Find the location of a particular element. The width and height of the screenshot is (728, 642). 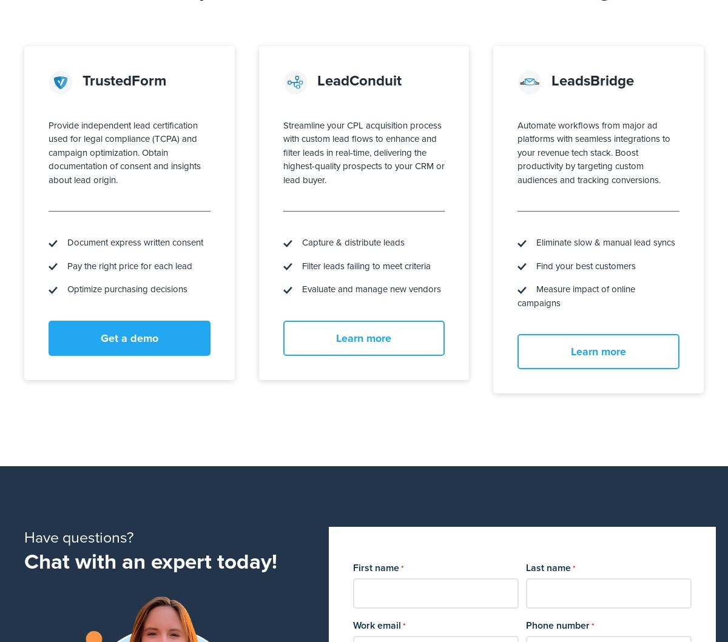

'Automate workflows from major ad platforms with seamless integrations to your revenue tech stack. Boost productivity by targeting custom audiences and tracking conversions.' is located at coordinates (593, 152).